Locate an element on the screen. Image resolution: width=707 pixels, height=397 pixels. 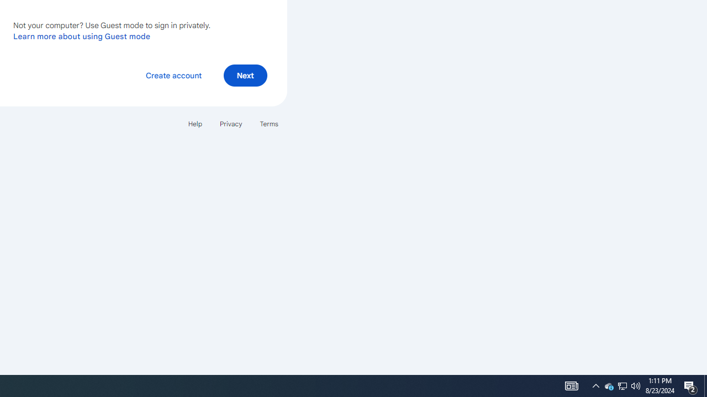
'Create account' is located at coordinates (173, 74).